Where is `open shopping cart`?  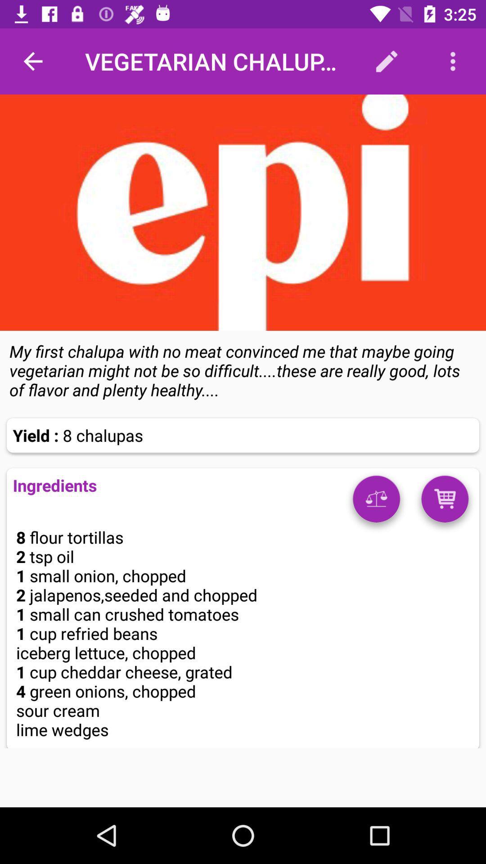
open shopping cart is located at coordinates (444, 502).